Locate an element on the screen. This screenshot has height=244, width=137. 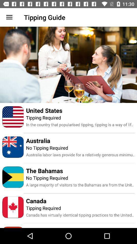
the icon to the left of the tipping guide icon is located at coordinates (9, 17).